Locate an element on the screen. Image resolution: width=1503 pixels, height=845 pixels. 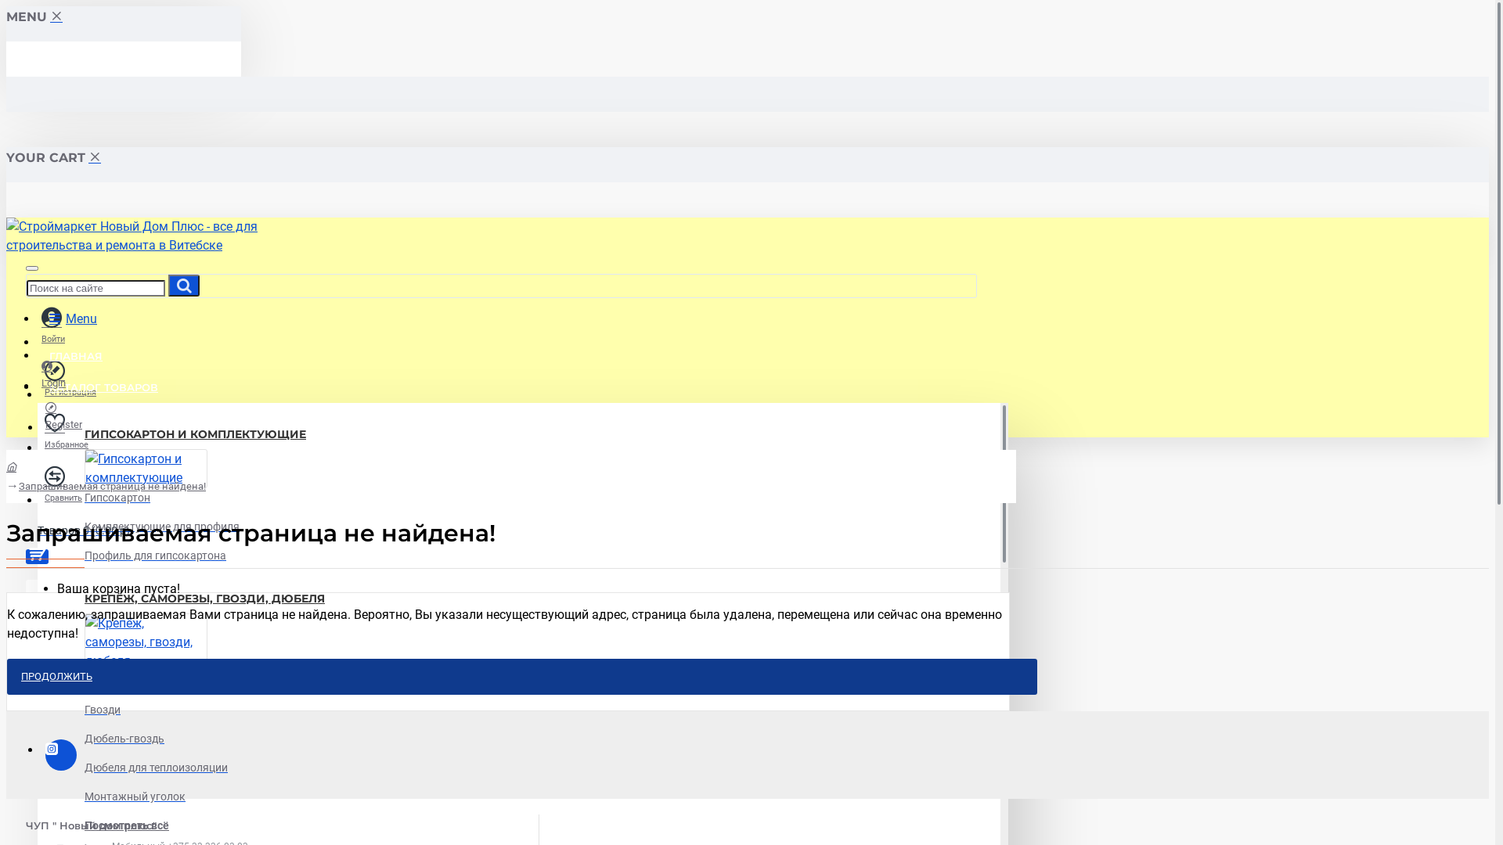
'Instagram' is located at coordinates (60, 753).